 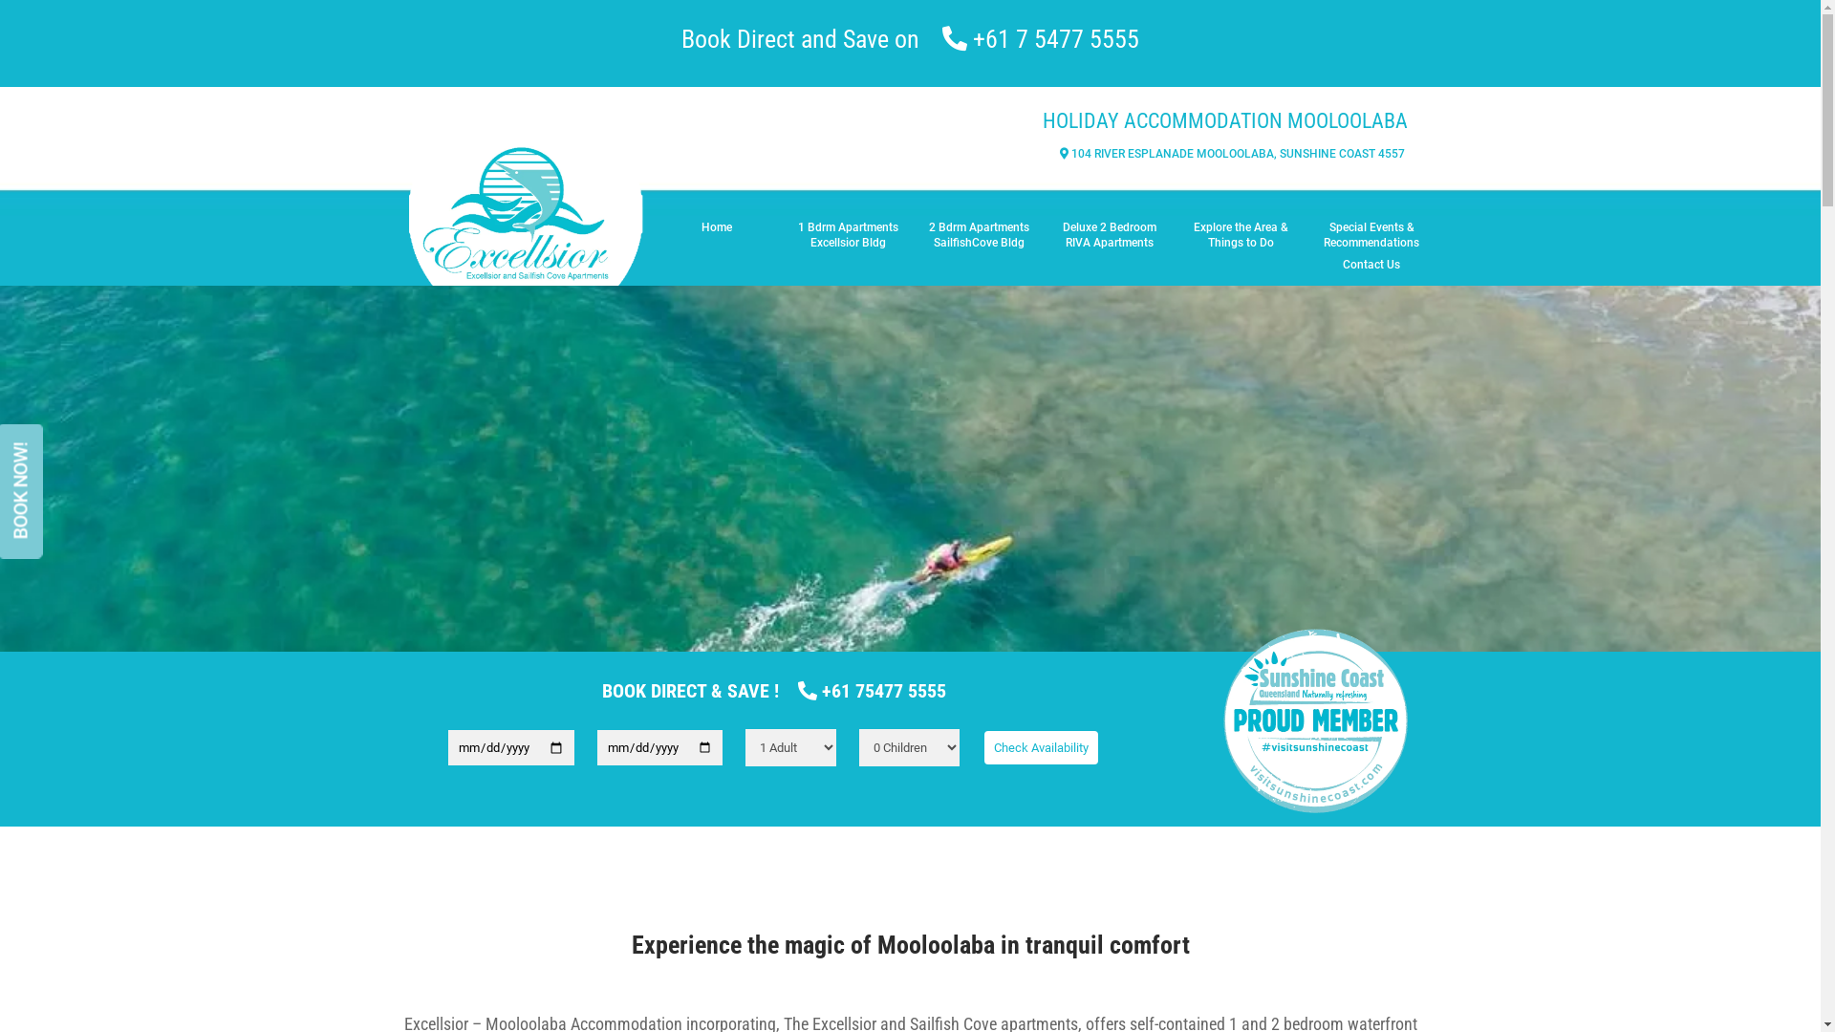 I want to click on 'Check Availability', so click(x=1040, y=746).